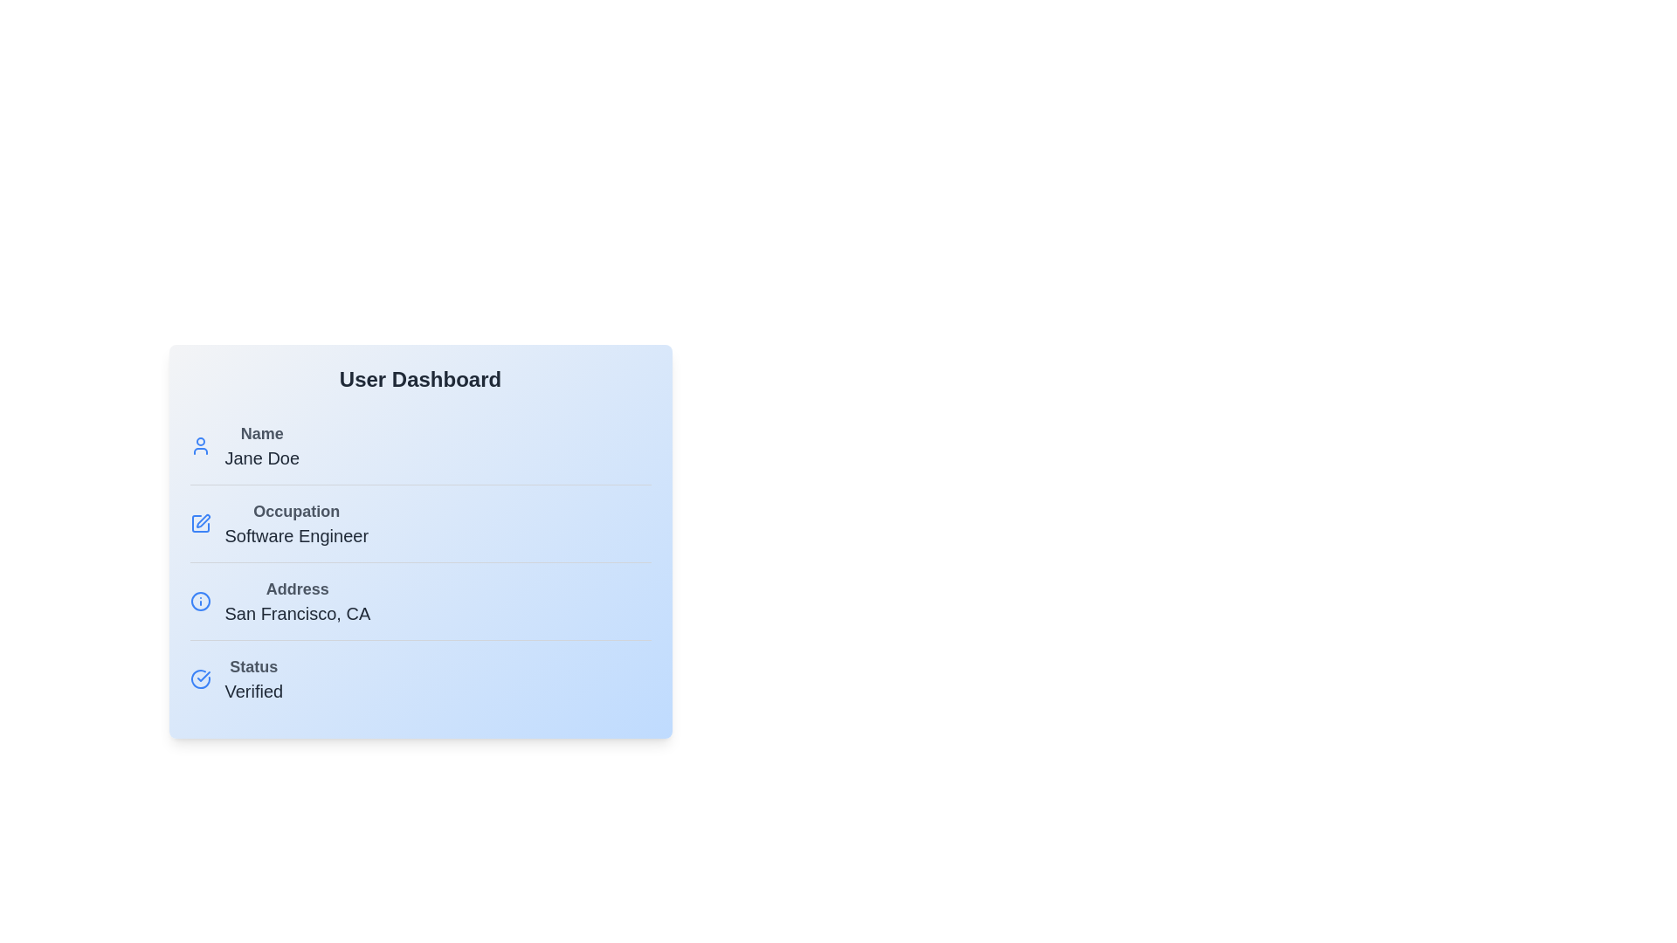 The height and width of the screenshot is (943, 1677). What do you see at coordinates (200, 444) in the screenshot?
I see `the blue user silhouette icon representing profile functionality, which is positioned to the far left of the text 'Name' and 'Jane Doe'` at bounding box center [200, 444].